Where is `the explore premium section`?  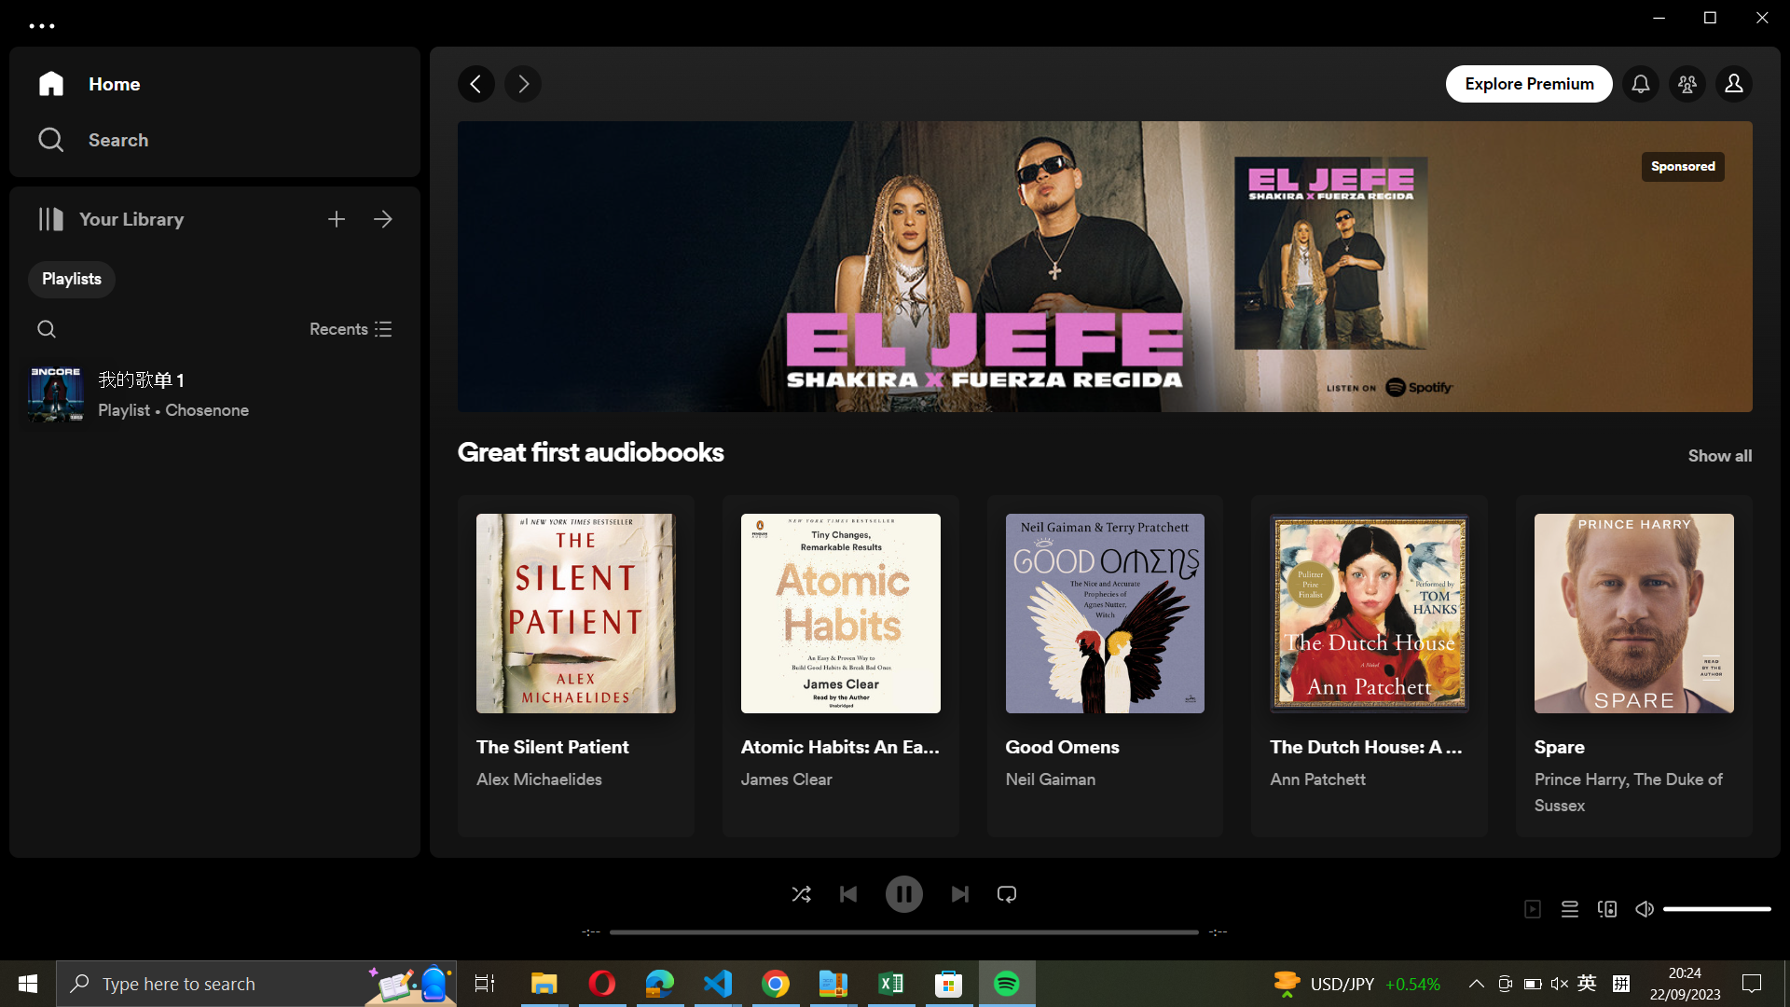
the explore premium section is located at coordinates (1531, 82).